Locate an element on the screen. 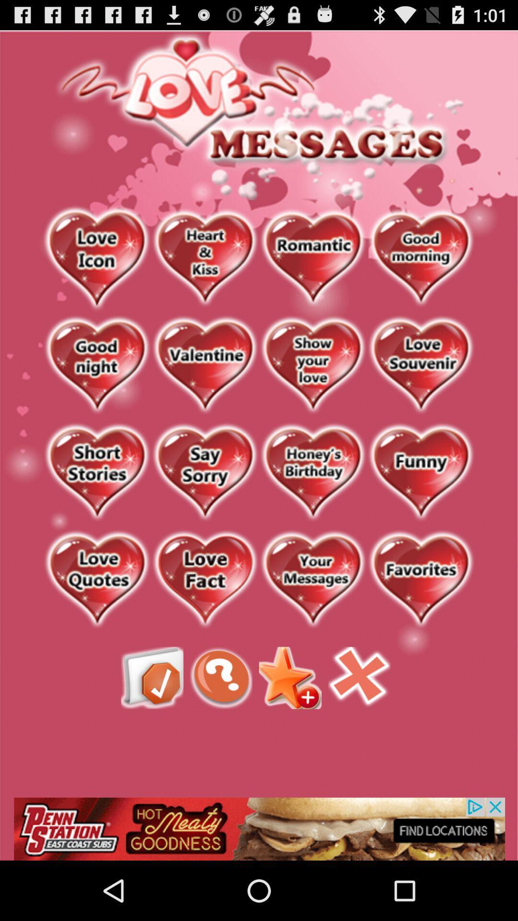 The width and height of the screenshot is (518, 921). category is located at coordinates (313, 259).